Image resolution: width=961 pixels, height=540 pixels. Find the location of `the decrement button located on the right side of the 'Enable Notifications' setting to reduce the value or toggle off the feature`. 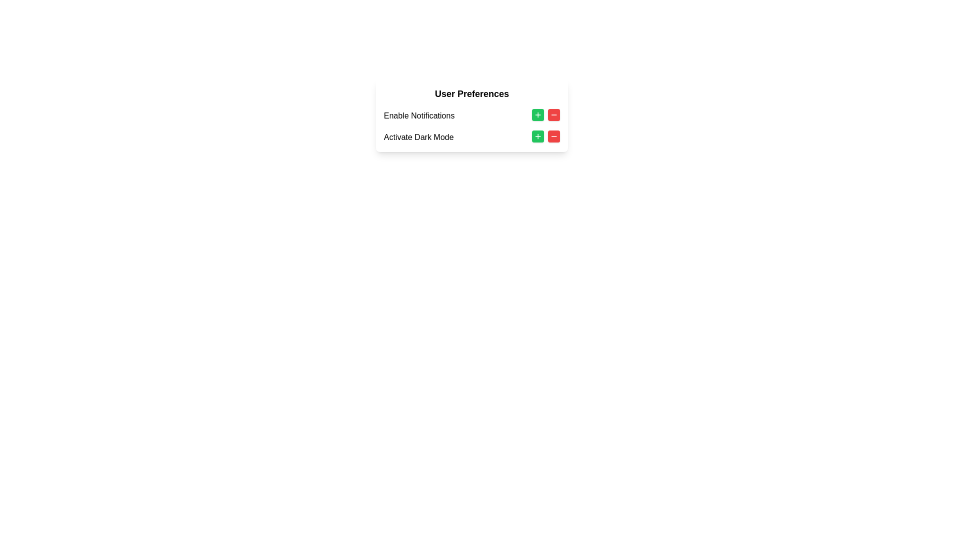

the decrement button located on the right side of the 'Enable Notifications' setting to reduce the value or toggle off the feature is located at coordinates (554, 114).